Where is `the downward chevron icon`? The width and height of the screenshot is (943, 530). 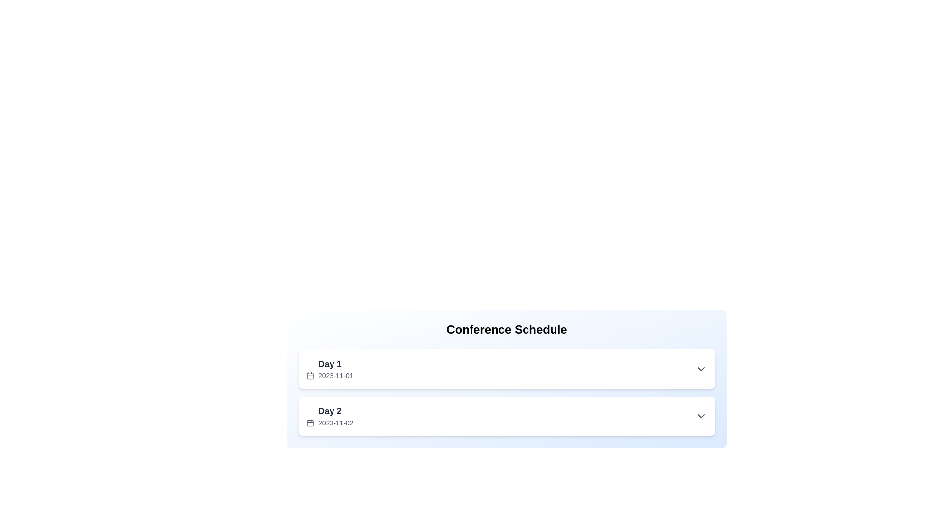
the downward chevron icon is located at coordinates (701, 416).